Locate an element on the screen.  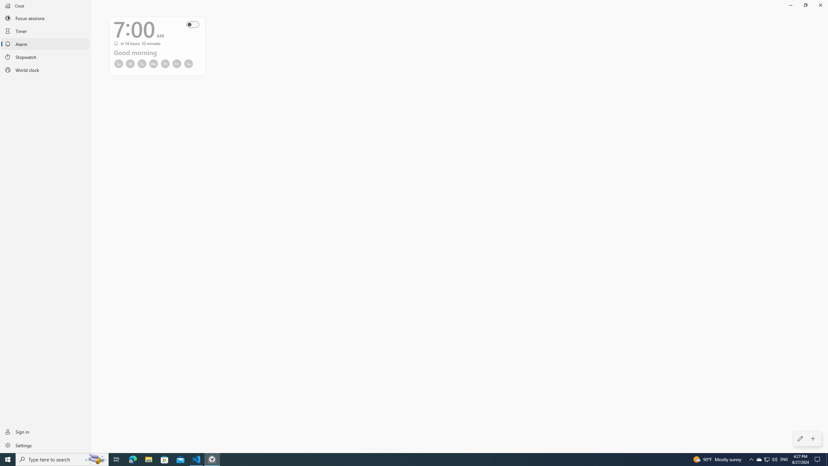
'Sign in' is located at coordinates (45, 431).